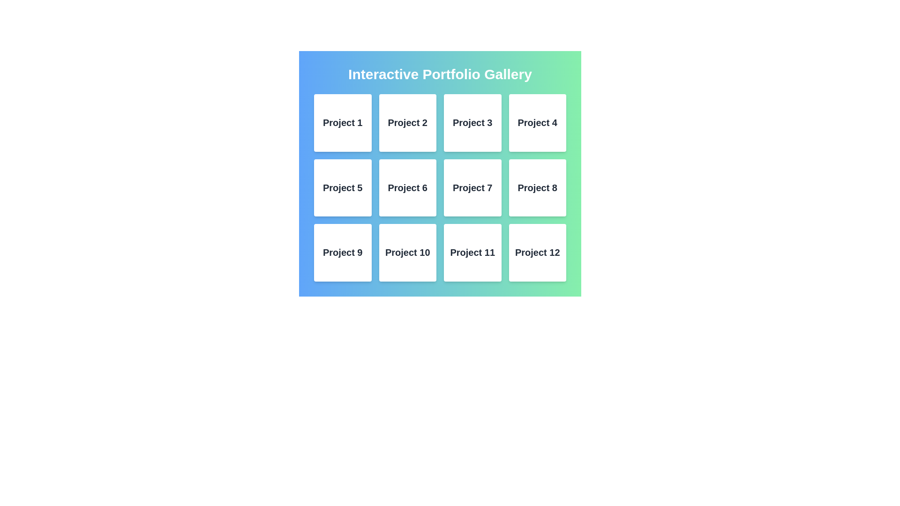 The width and height of the screenshot is (900, 506). Describe the element at coordinates (342, 252) in the screenshot. I see `the project card for 'Project 9' located in the third row and first column of the interactive portfolio gallery` at that location.